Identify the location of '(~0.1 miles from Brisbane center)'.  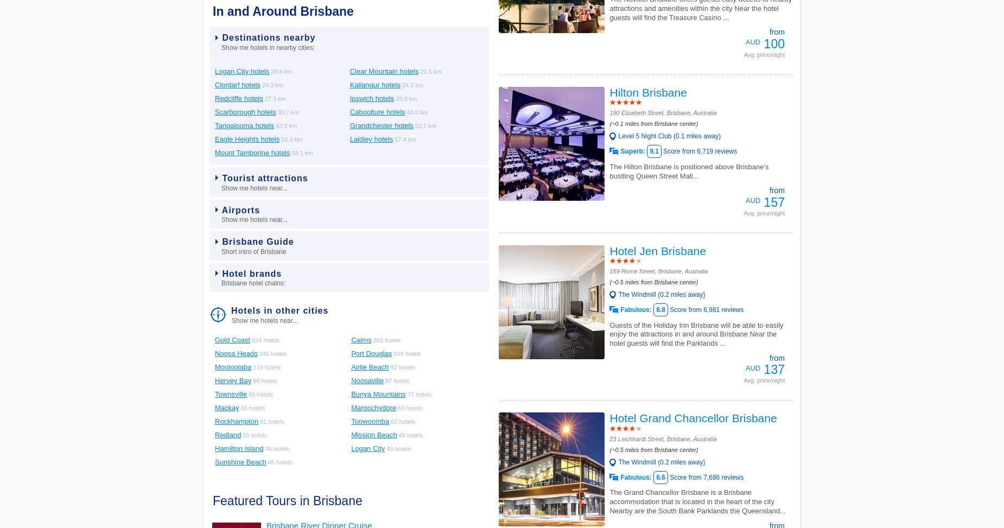
(653, 123).